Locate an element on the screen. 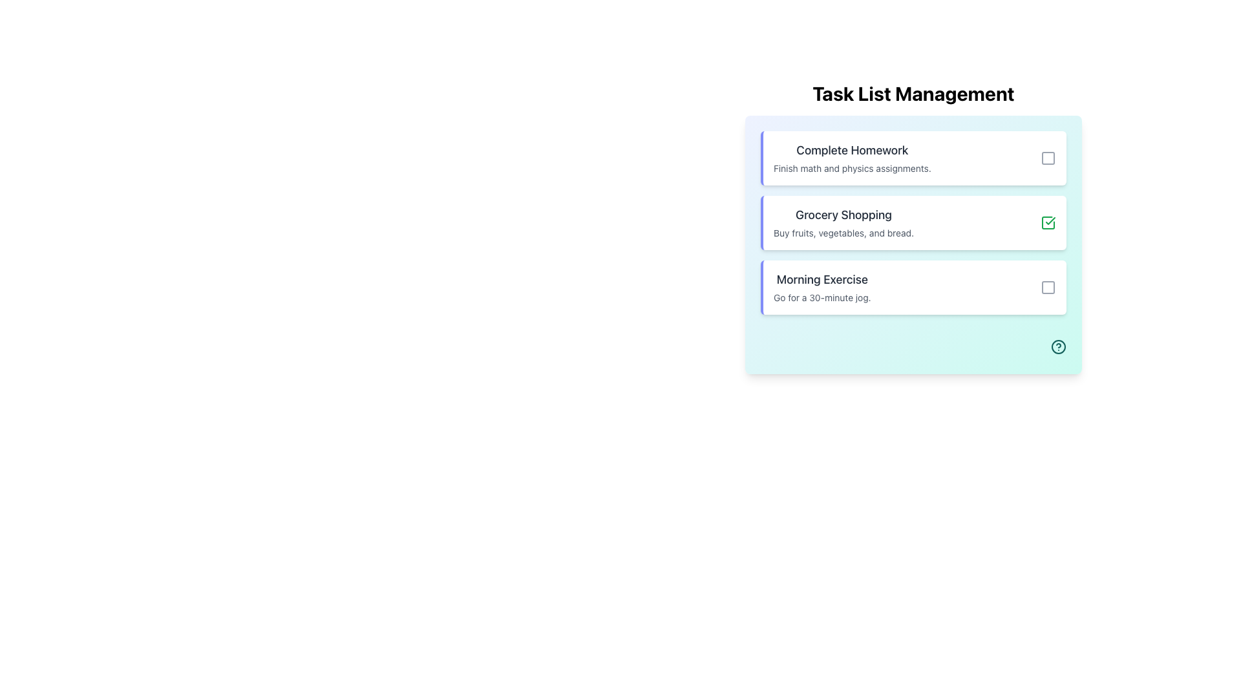 This screenshot has height=698, width=1241. the small, square outlined button located at the top-right corner of the 'Morning Exercise' task card is located at coordinates (1048, 286).